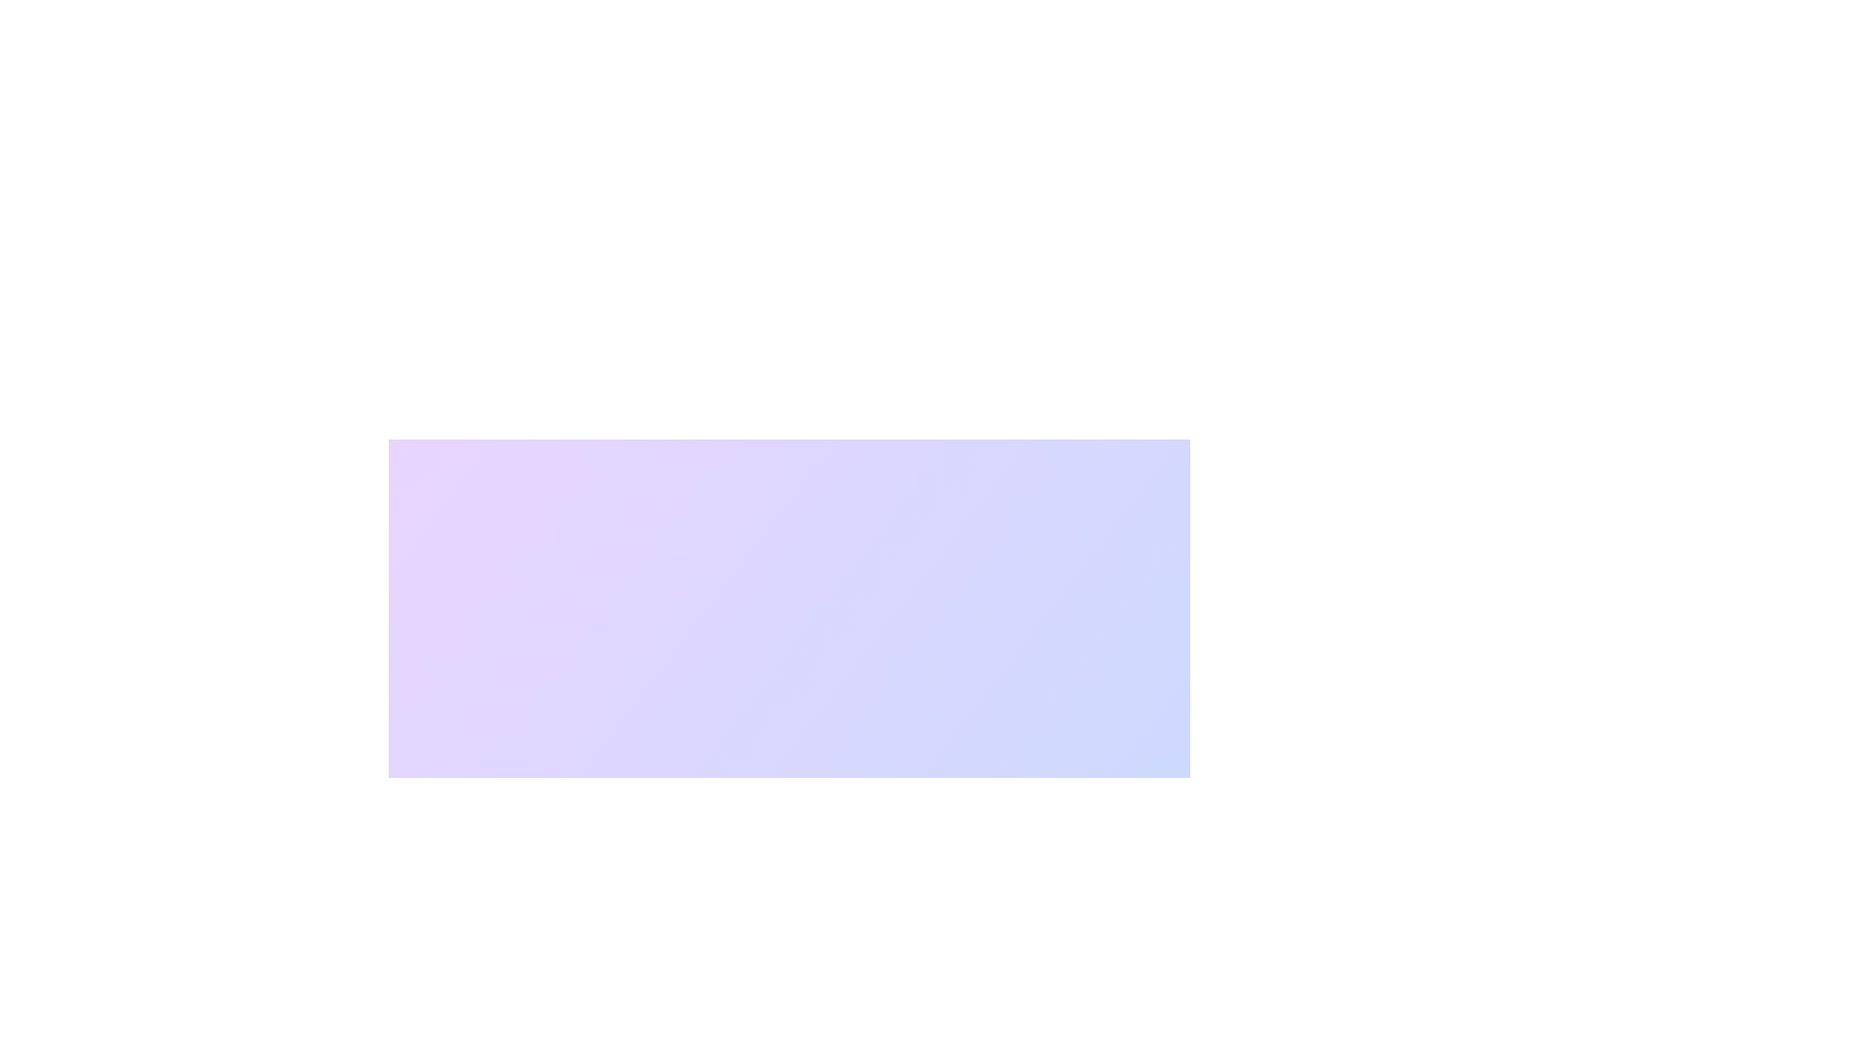  I want to click on the SVG circle graphic indicator positioned near the bottom of the interface, so click(920, 963).